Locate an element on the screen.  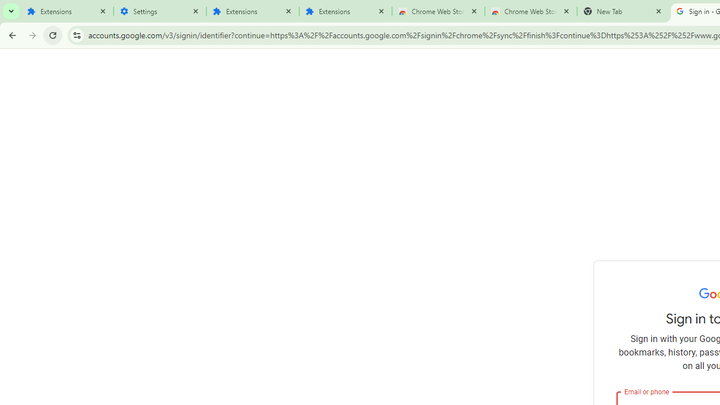
'Extensions' is located at coordinates (66, 11).